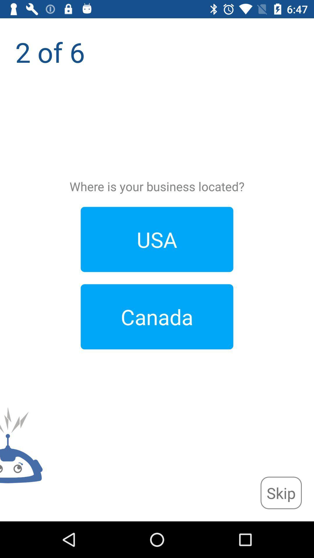 This screenshot has width=314, height=558. What do you see at coordinates (281, 493) in the screenshot?
I see `the icon at the bottom right corner` at bounding box center [281, 493].